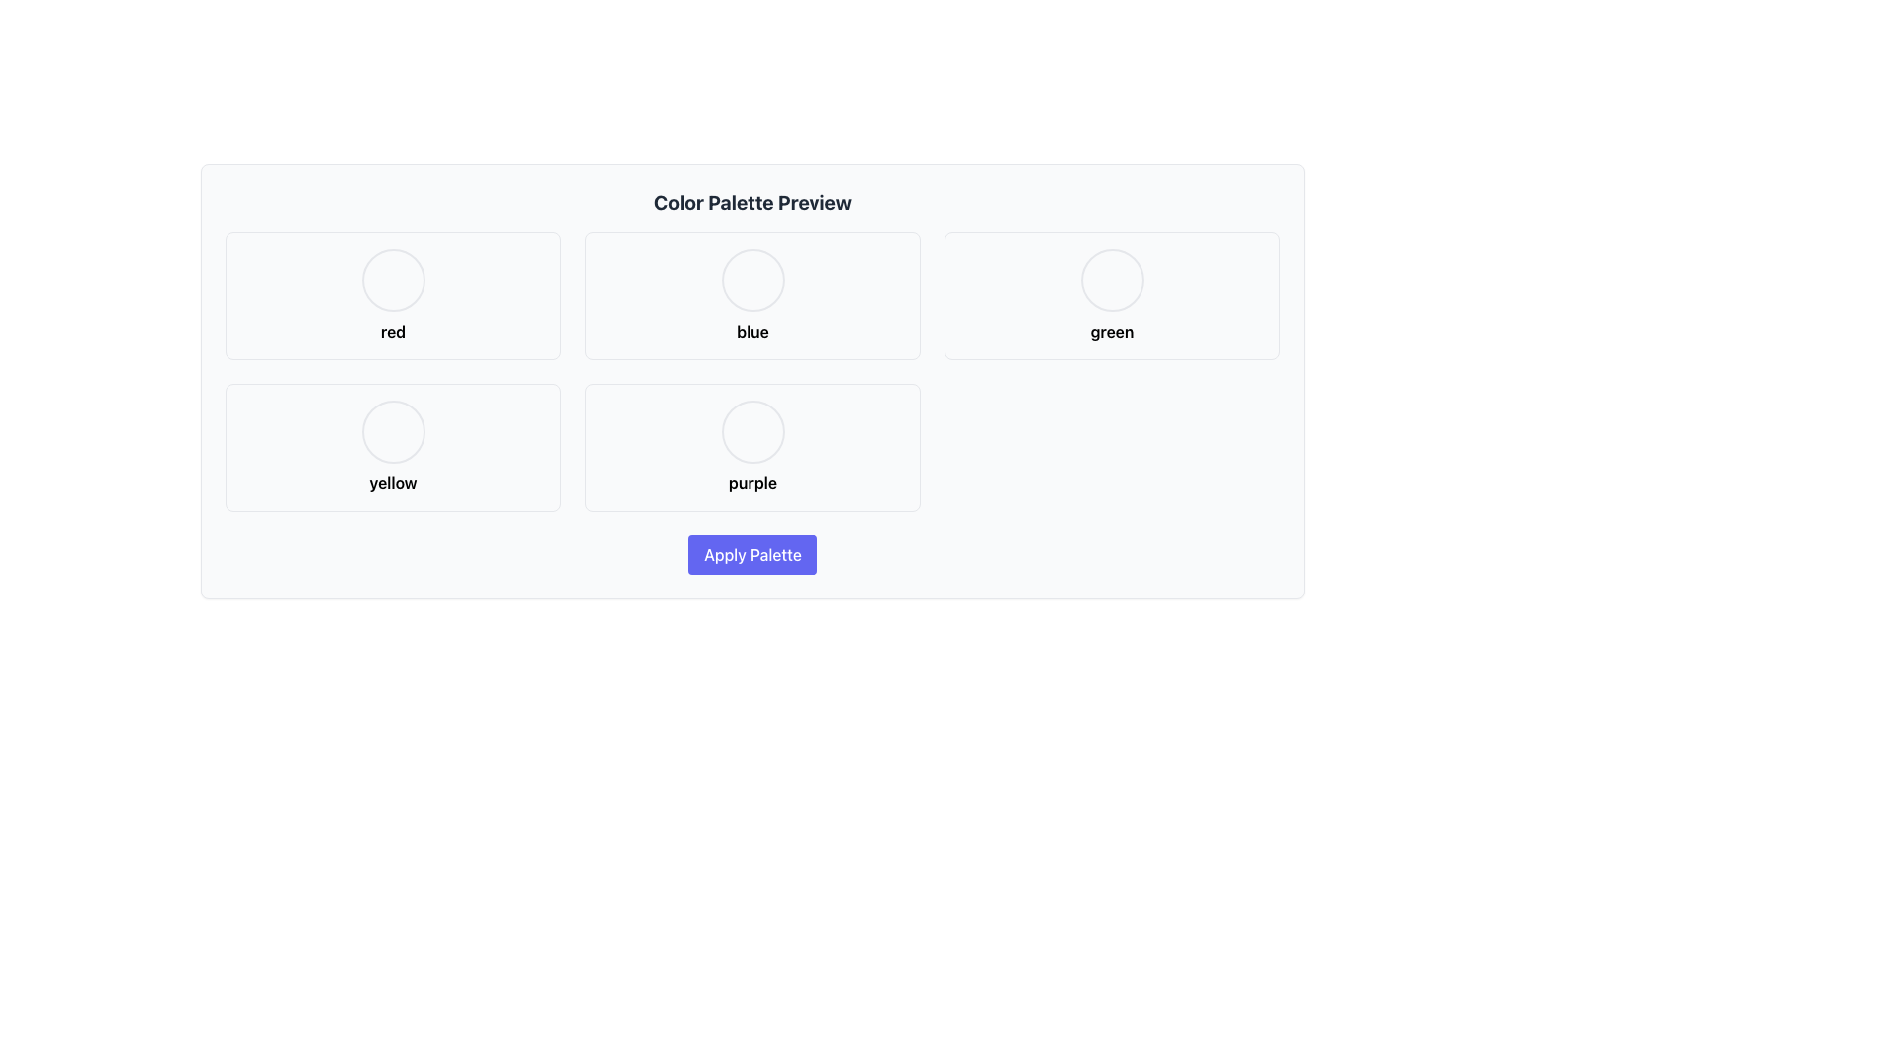  Describe the element at coordinates (751, 554) in the screenshot. I see `the button that triggers the action for applying the selected color palette located at the bottom center of the 'Color Palette Preview' section` at that location.